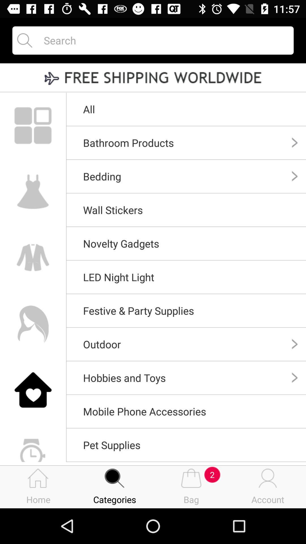  Describe the element at coordinates (163, 40) in the screenshot. I see `to go search` at that location.